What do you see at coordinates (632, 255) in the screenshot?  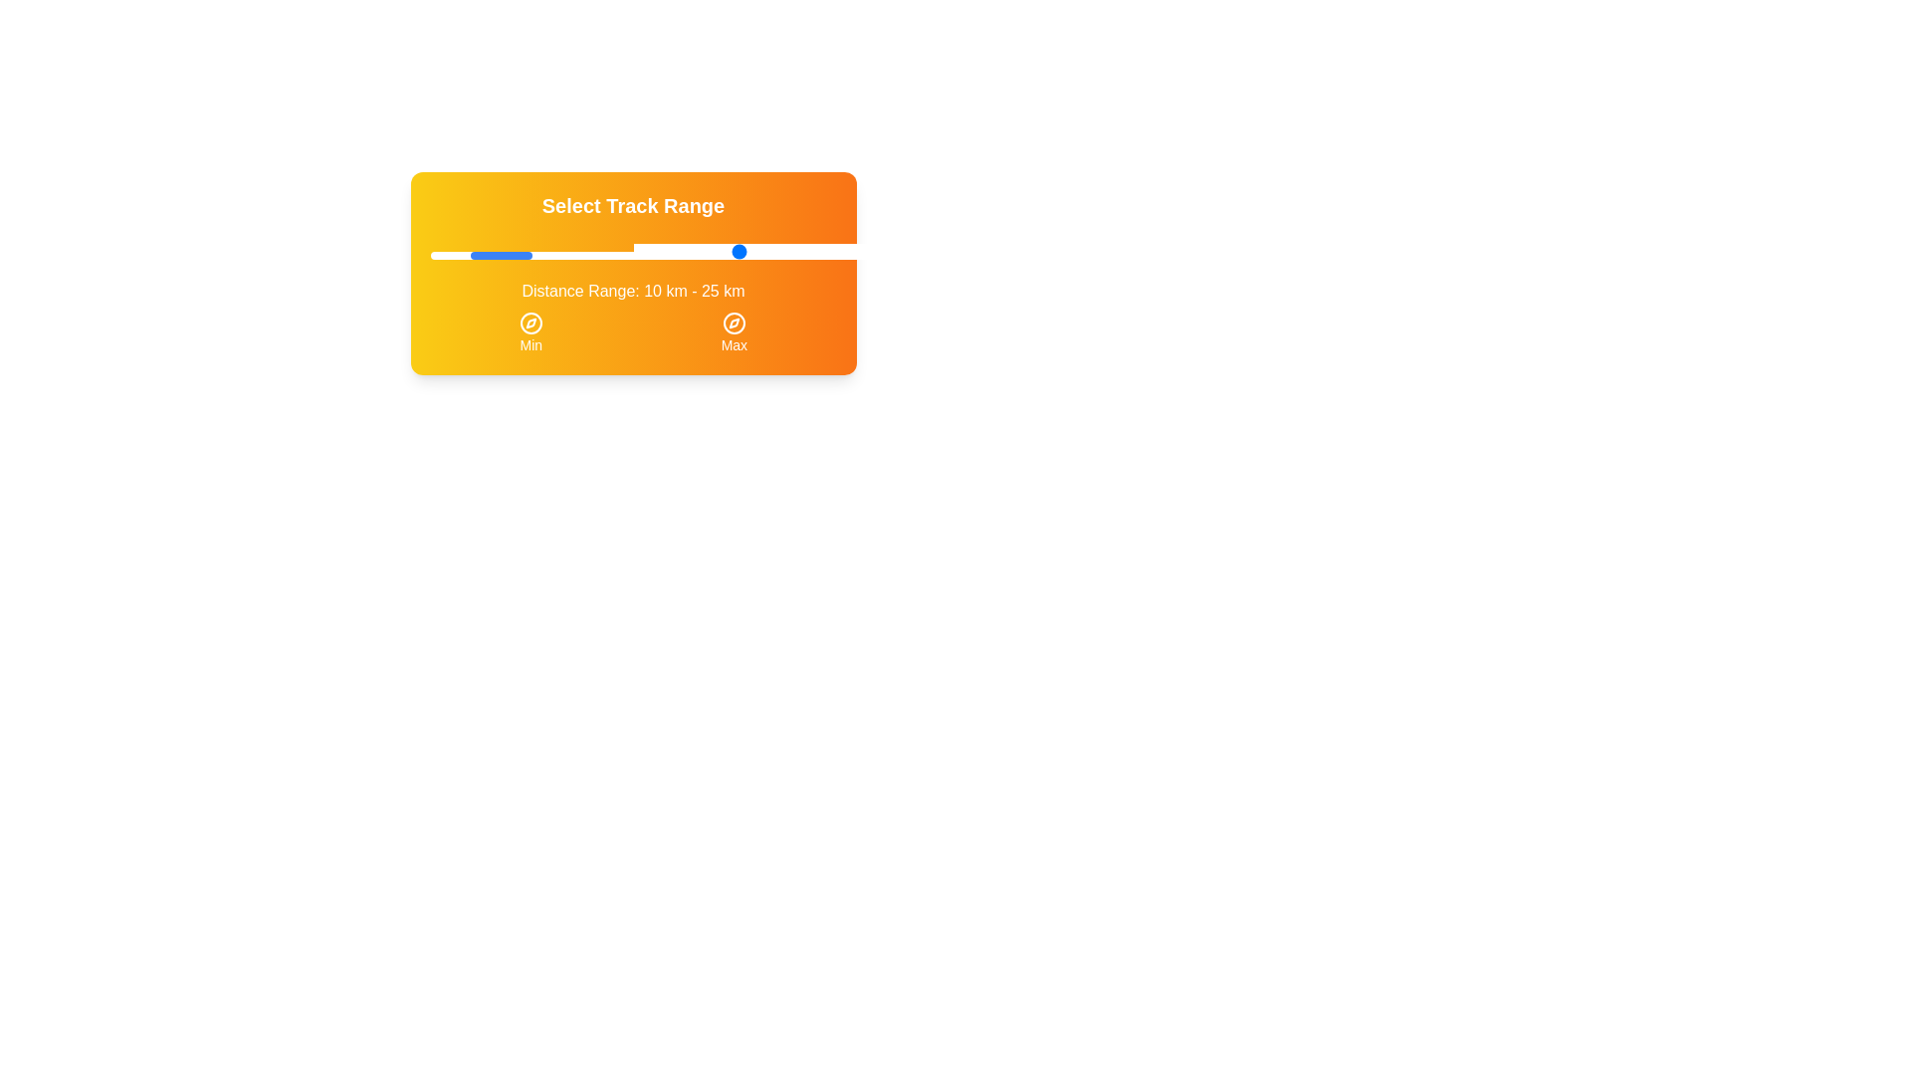 I see `within the bounds of the thin, white rectangular progress bar background that is centrally aligned in the 'Select Track Range' section` at bounding box center [632, 255].